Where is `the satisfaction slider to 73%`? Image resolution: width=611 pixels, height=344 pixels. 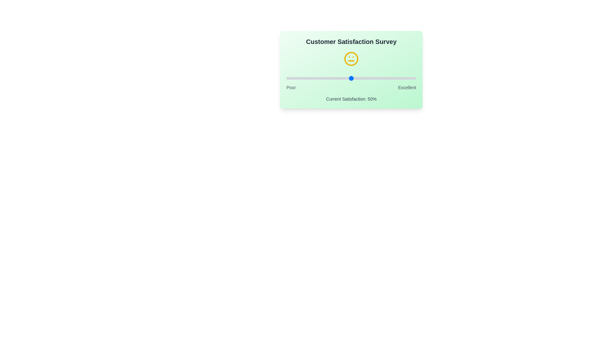
the satisfaction slider to 73% is located at coordinates (381, 78).